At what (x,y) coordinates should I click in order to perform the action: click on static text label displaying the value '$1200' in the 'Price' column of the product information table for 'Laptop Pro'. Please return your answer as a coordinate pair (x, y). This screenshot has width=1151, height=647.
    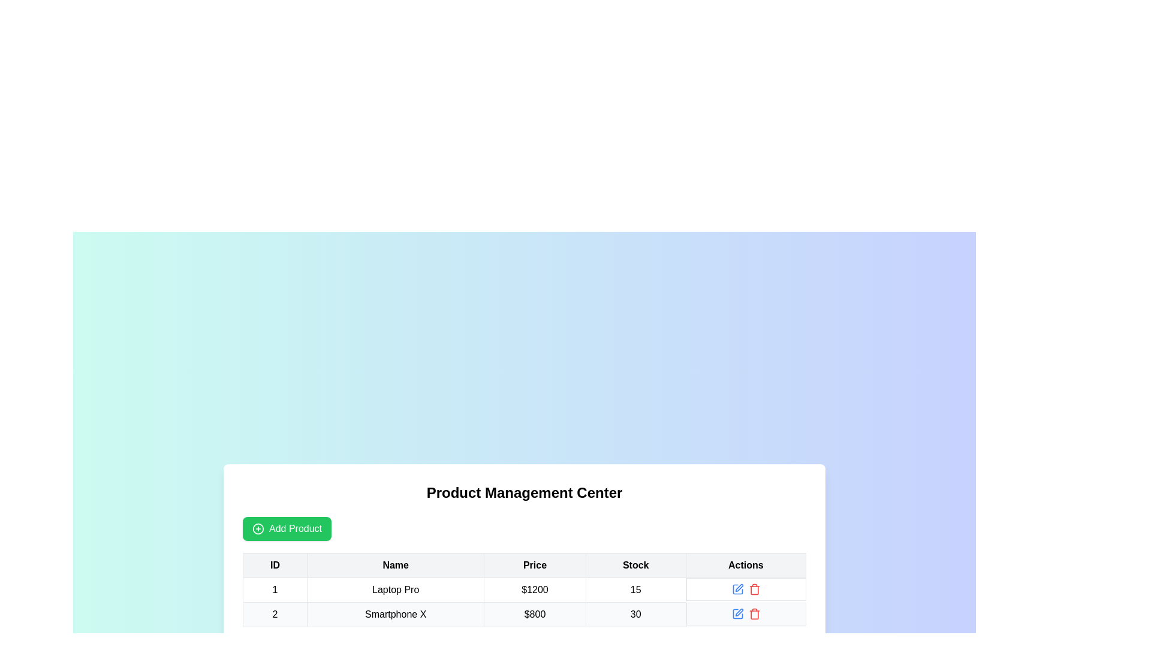
    Looking at the image, I should click on (534, 589).